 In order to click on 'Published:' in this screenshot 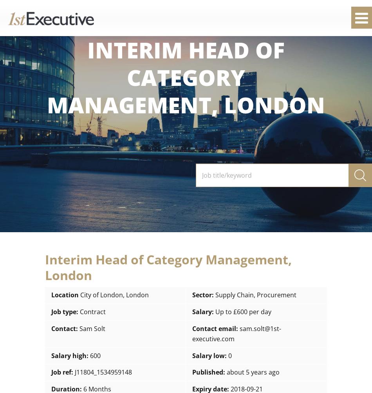, I will do `click(209, 371)`.